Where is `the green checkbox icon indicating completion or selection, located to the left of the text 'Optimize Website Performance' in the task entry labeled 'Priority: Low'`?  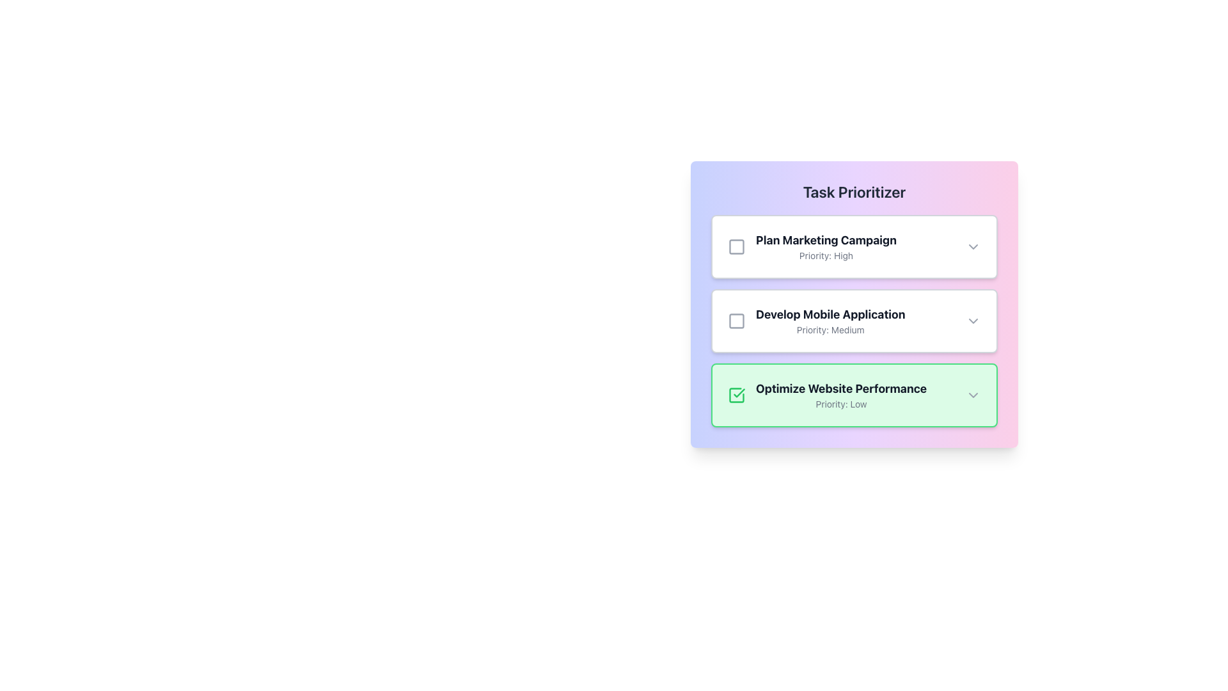
the green checkbox icon indicating completion or selection, located to the left of the text 'Optimize Website Performance' in the task entry labeled 'Priority: Low' is located at coordinates (737, 394).